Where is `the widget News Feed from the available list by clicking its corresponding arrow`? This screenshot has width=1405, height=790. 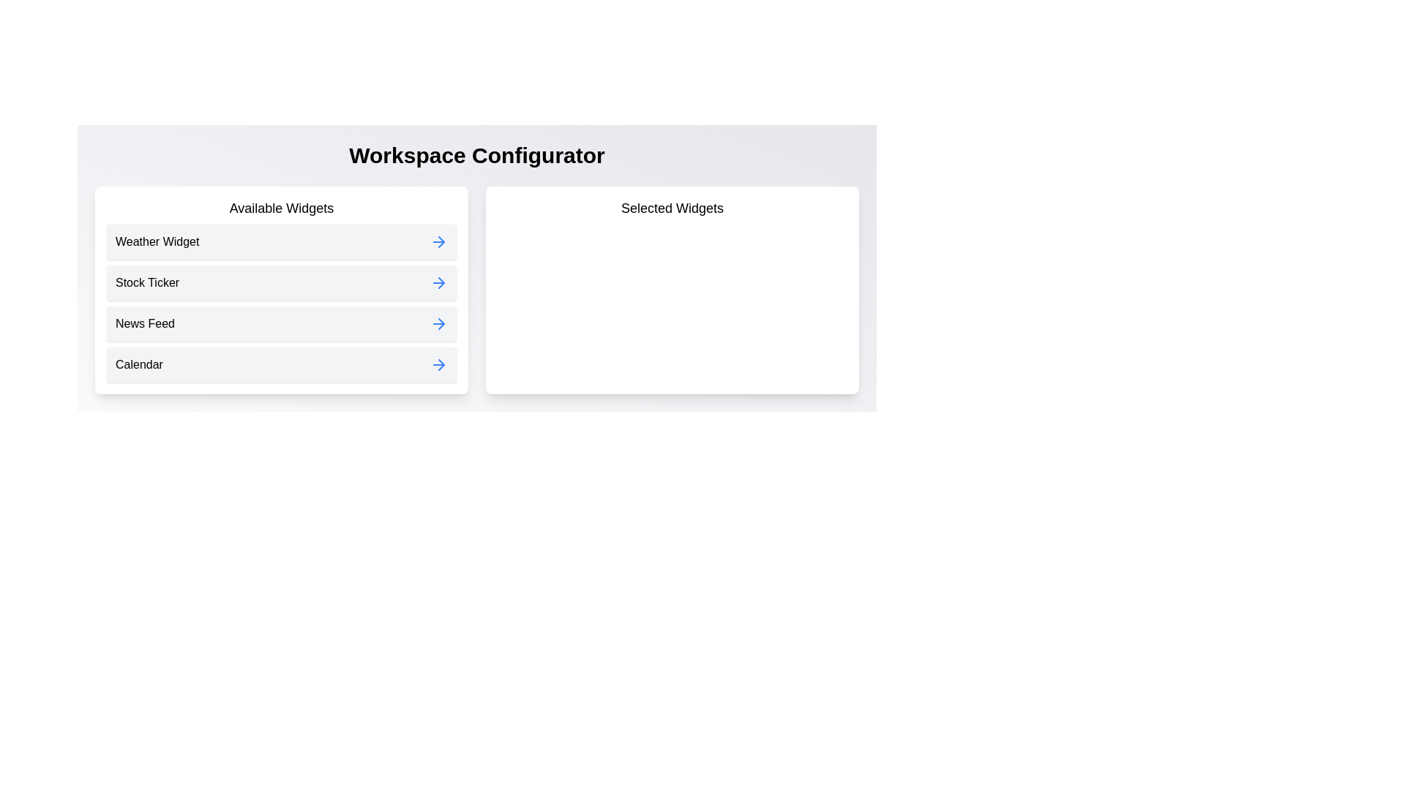 the widget News Feed from the available list by clicking its corresponding arrow is located at coordinates (438, 323).